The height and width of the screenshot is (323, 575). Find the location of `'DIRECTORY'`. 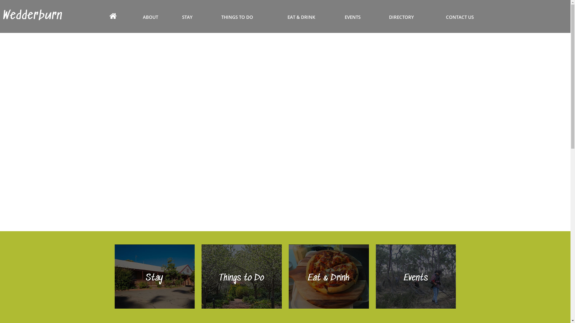

'DIRECTORY' is located at coordinates (401, 17).